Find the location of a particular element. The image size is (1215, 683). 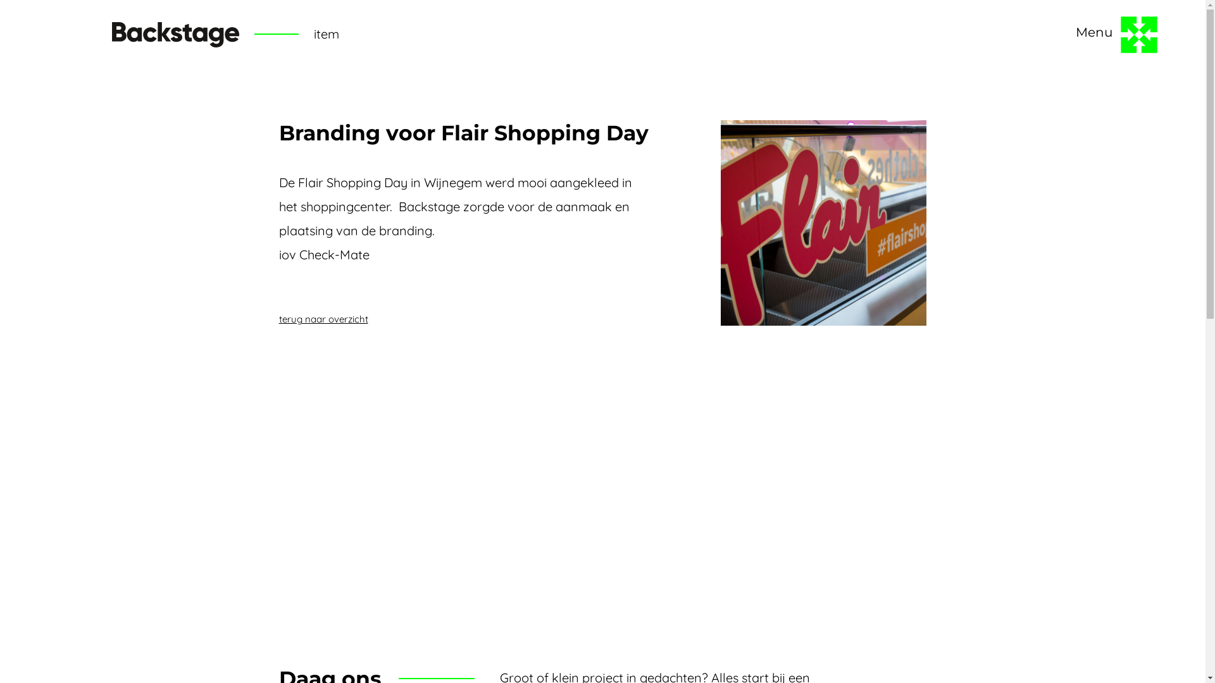

'terug naar overzicht' is located at coordinates (278, 318).